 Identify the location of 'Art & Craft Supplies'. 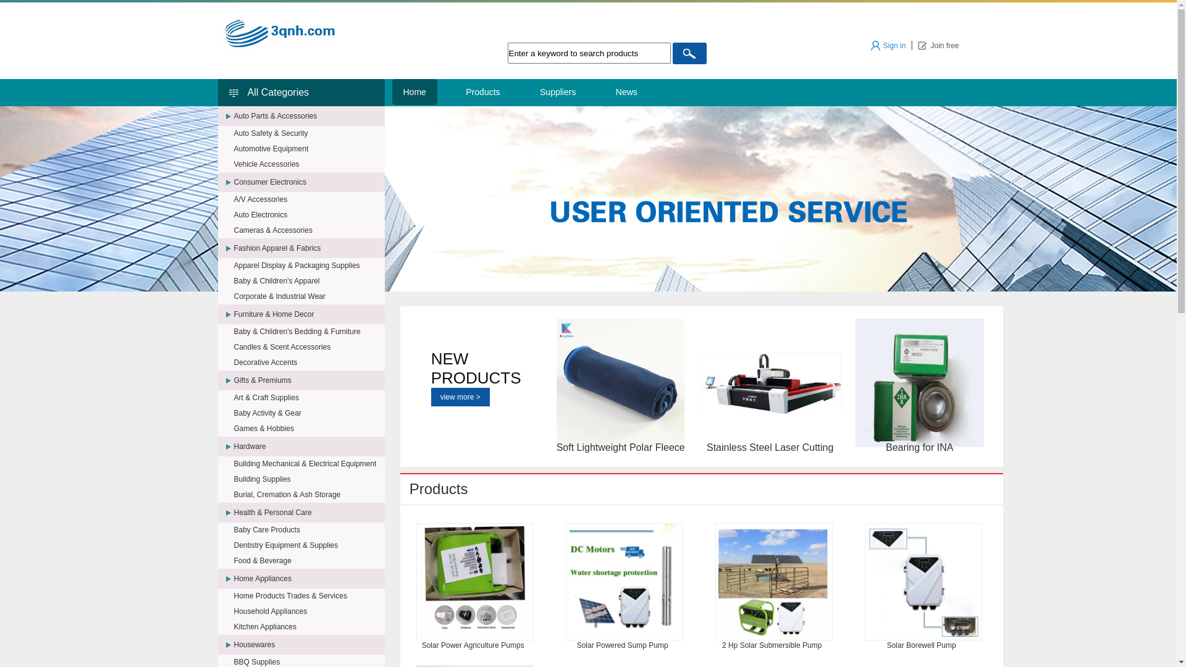
(308, 398).